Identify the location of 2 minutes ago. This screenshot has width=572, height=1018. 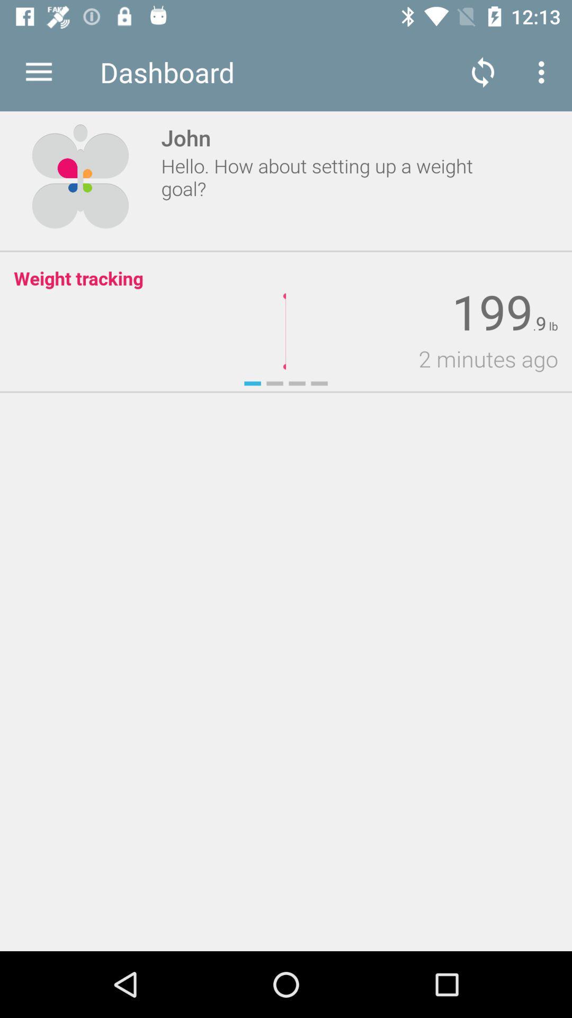
(421, 358).